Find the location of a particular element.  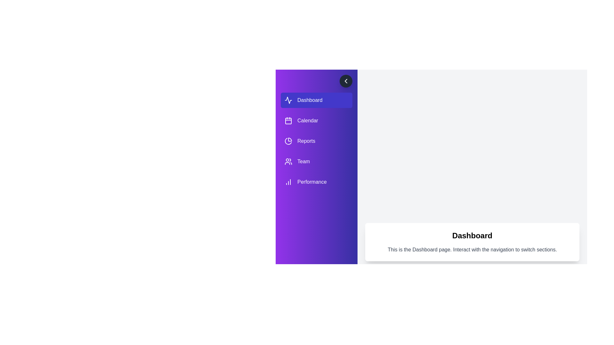

the navigation item labeled Performance is located at coordinates (316, 182).